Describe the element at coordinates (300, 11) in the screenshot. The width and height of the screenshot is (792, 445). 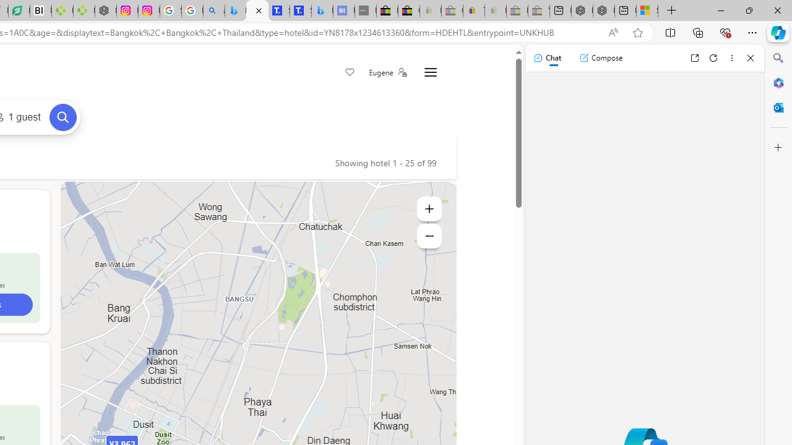
I see `'Shangri-La Bangkok, Hotel reviews and Room rates'` at that location.